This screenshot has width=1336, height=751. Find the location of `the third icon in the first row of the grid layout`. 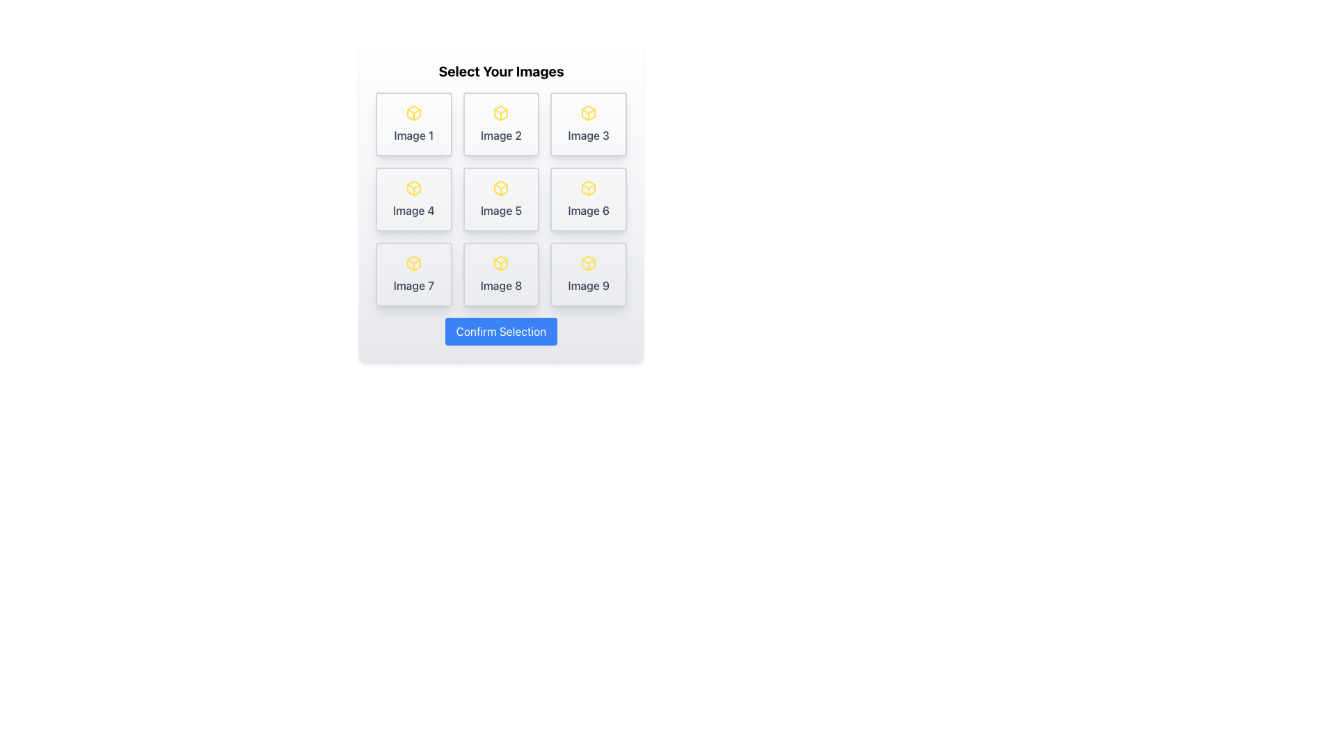

the third icon in the first row of the grid layout is located at coordinates (588, 112).